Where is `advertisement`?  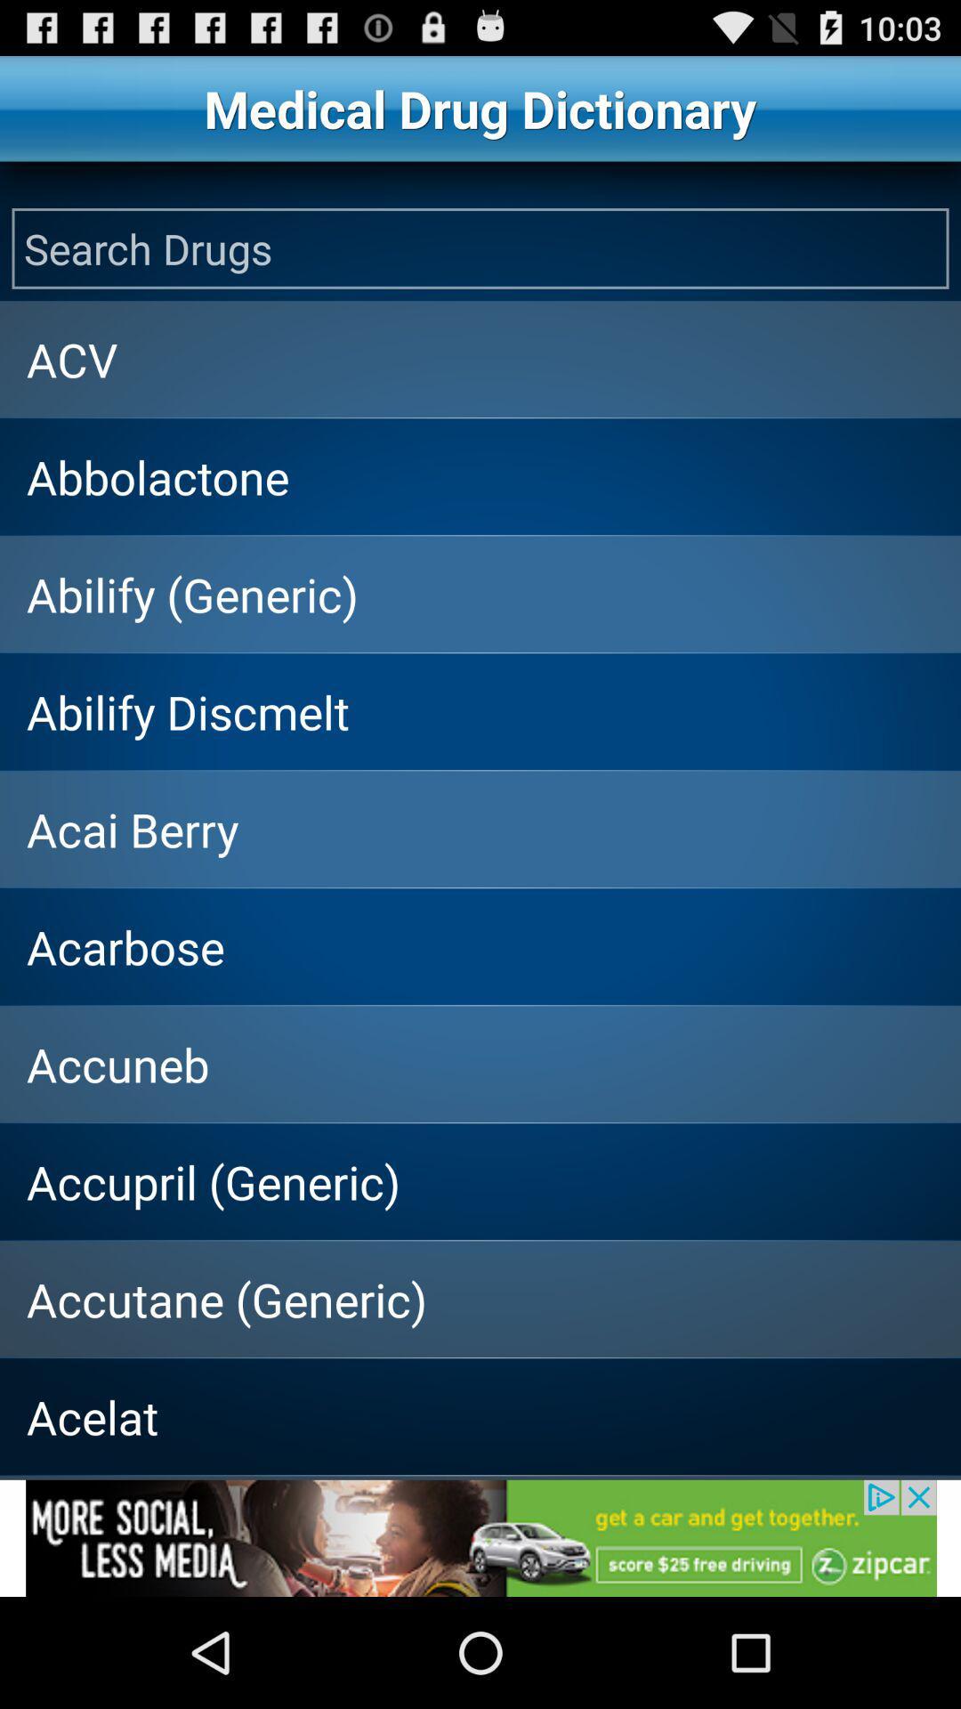
advertisement is located at coordinates (480, 1537).